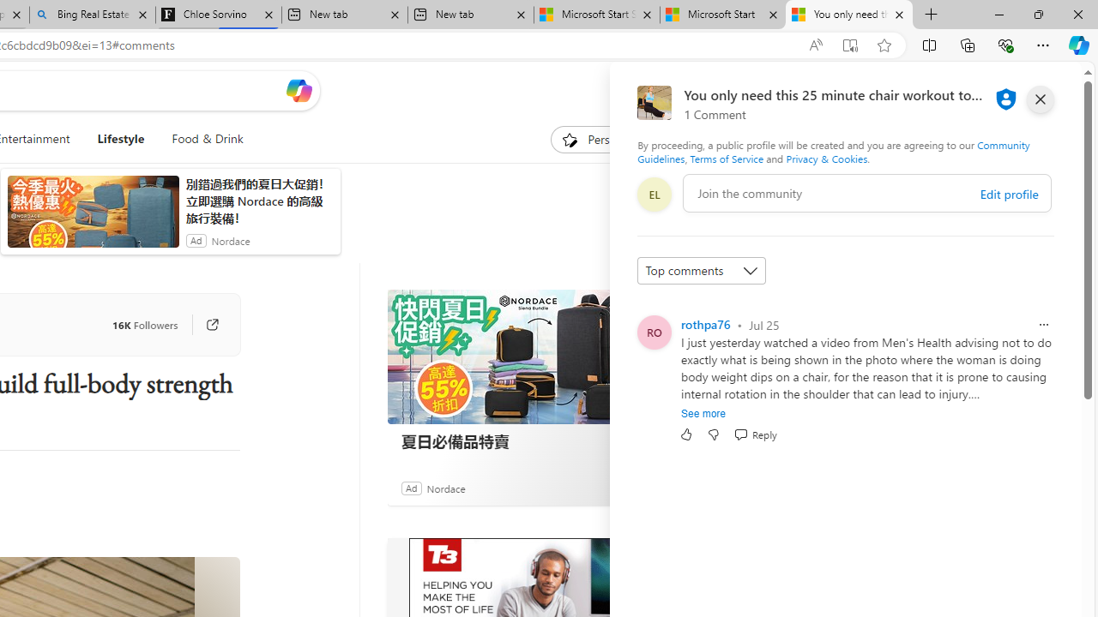  What do you see at coordinates (91, 15) in the screenshot?
I see `'Bing Real Estate - Home sales and rental listings'` at bounding box center [91, 15].